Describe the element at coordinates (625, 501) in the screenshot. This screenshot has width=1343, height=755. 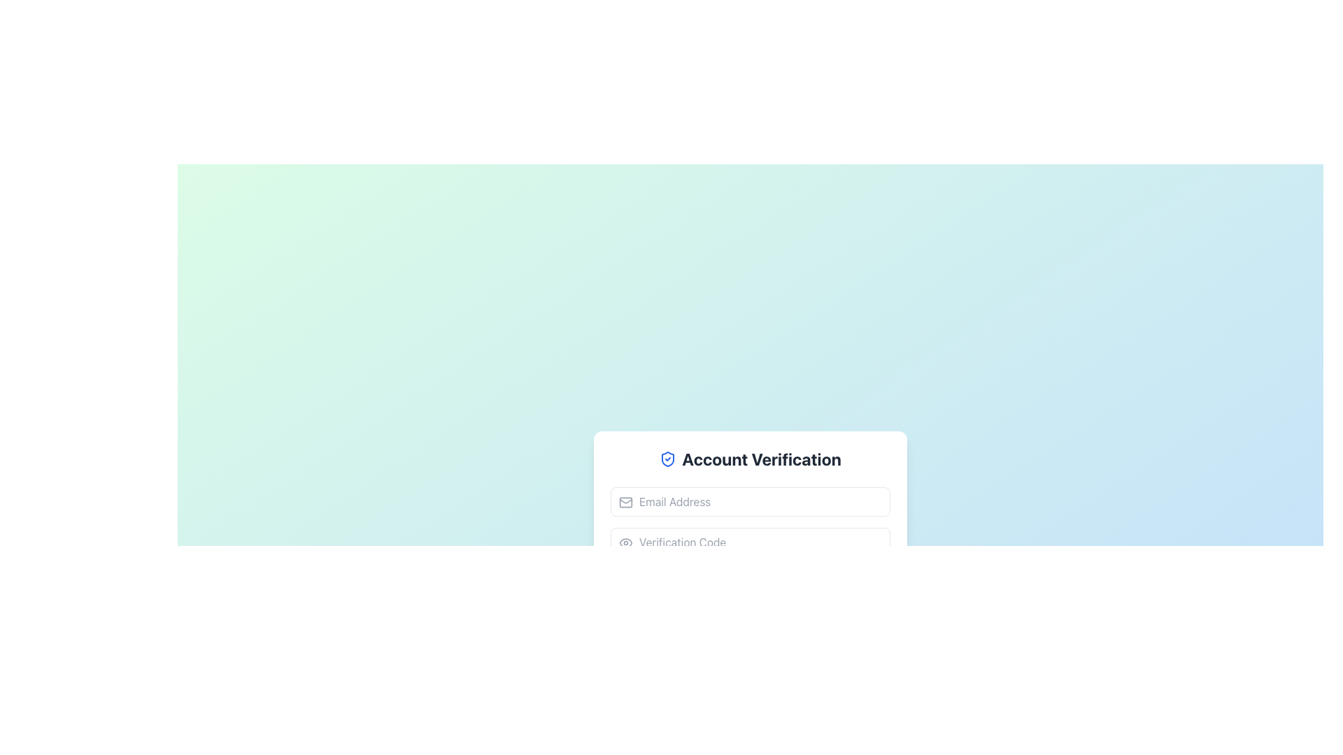
I see `the envelope icon located at the top-left corner inside the 'Email Address' input field, which is styled in a minimalist modern design and rendered in light gray color` at that location.